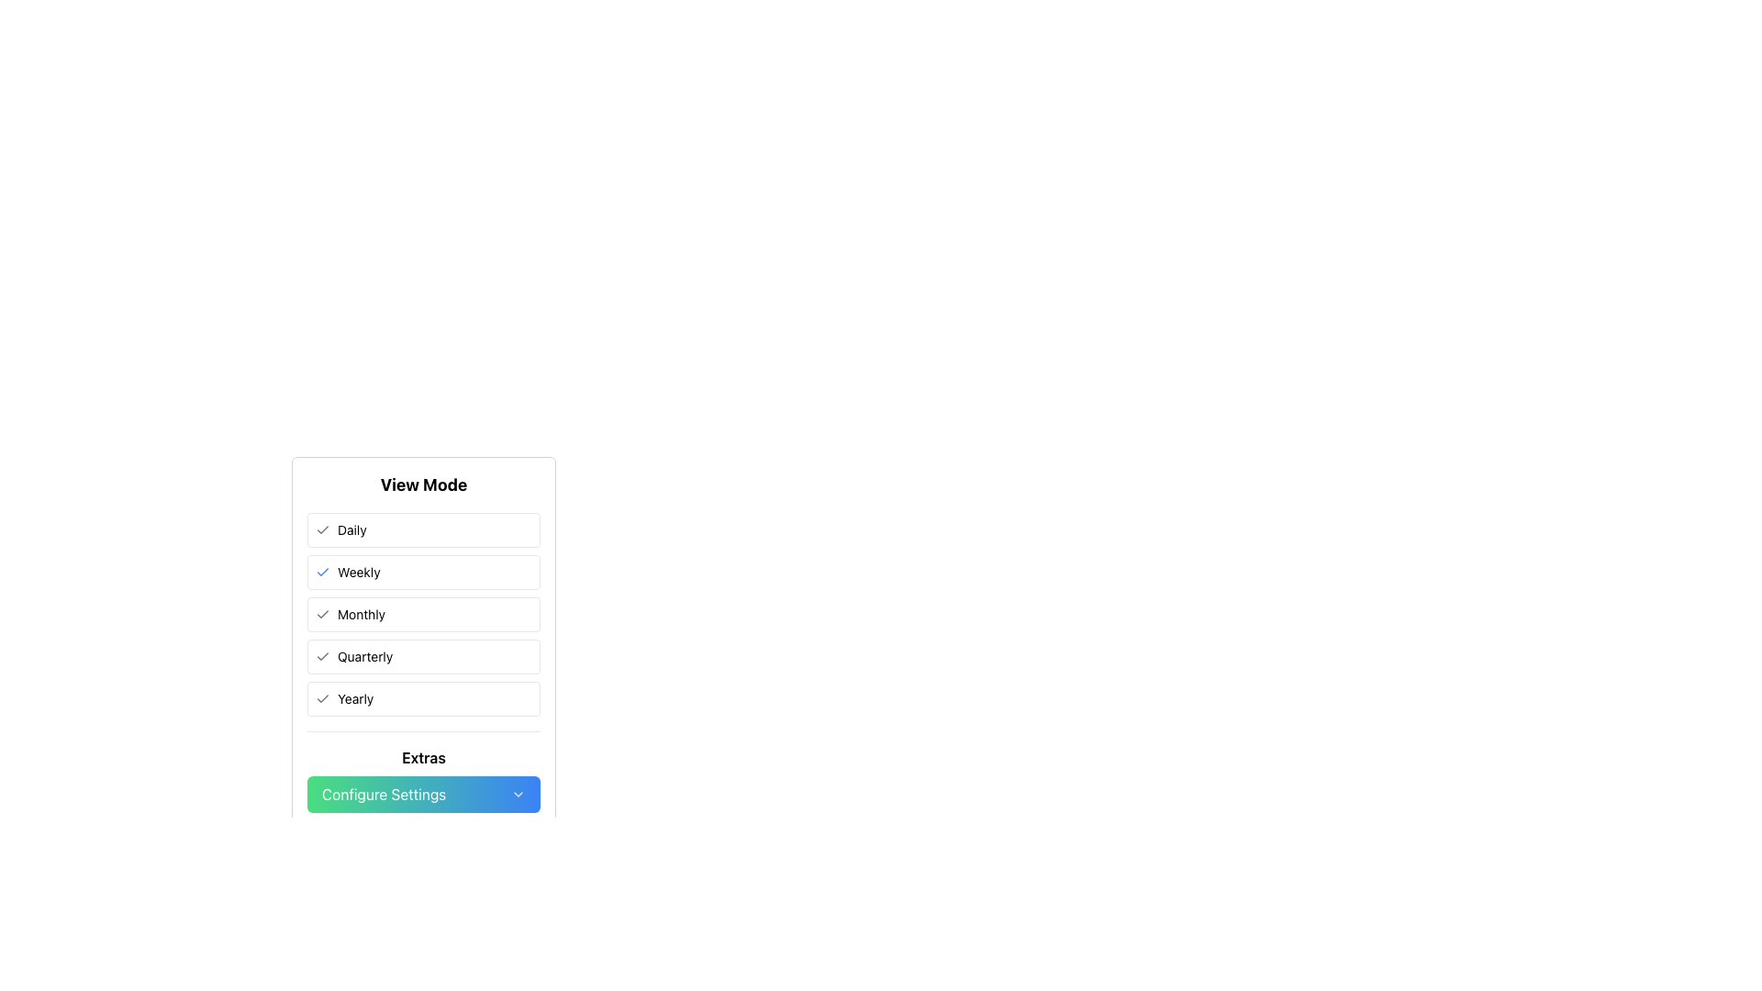  I want to click on the checkmark icon within the 'Yearly' button, which is the fifth selectable option in the 'View Mode' menu, so click(322, 699).